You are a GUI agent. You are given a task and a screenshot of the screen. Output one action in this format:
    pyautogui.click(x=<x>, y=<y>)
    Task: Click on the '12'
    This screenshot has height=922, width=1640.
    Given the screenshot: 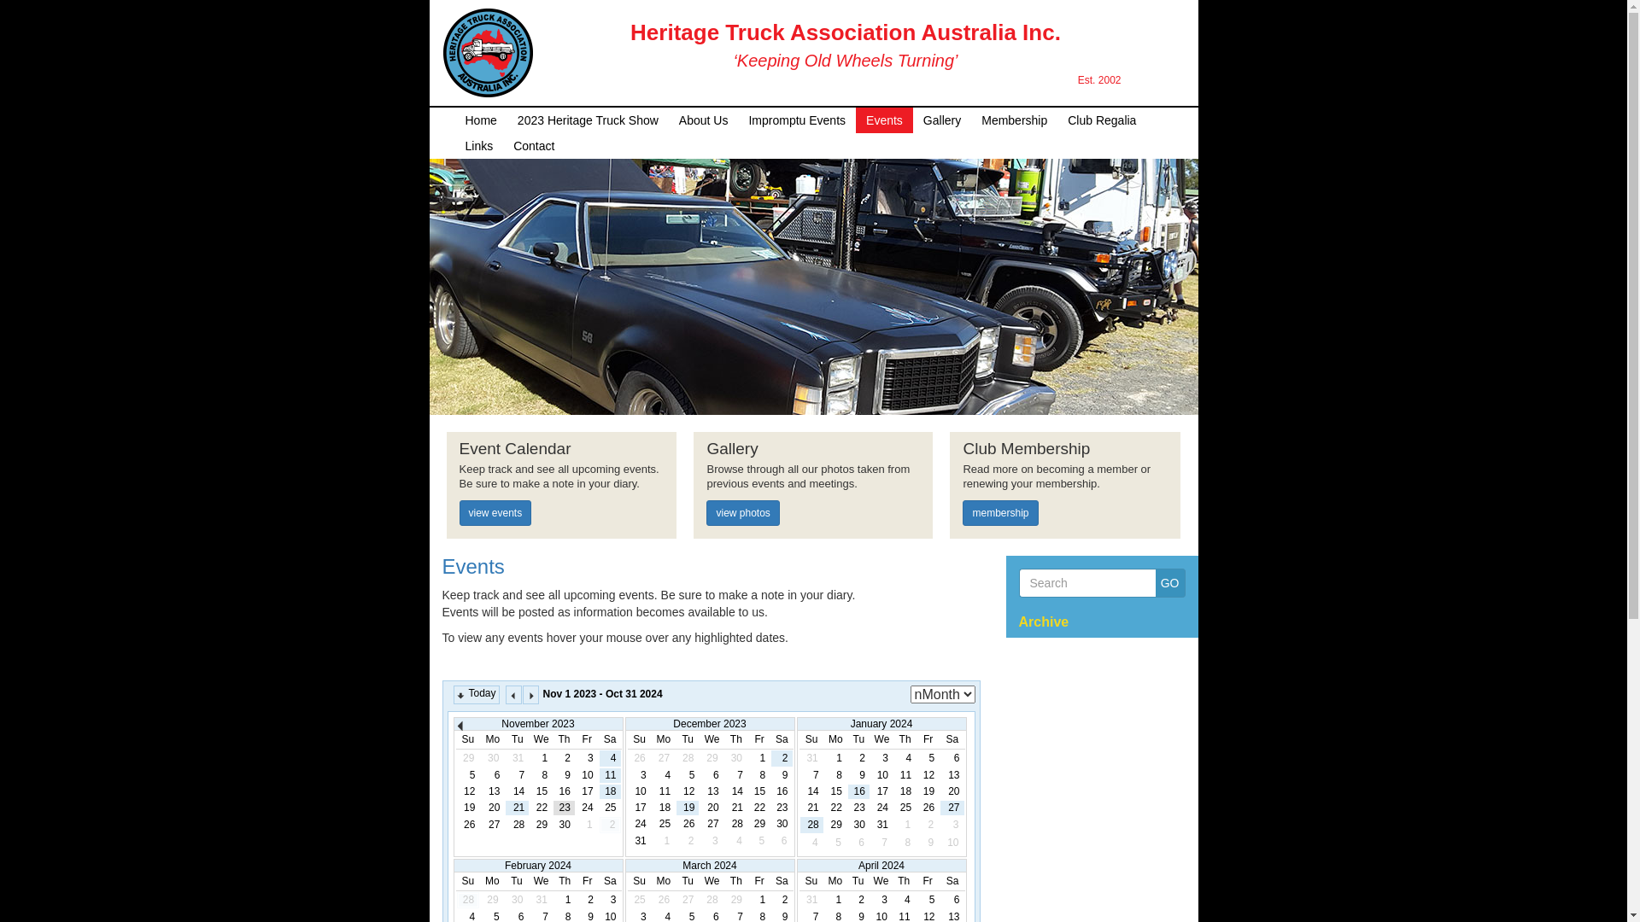 What is the action you would take?
    pyautogui.click(x=458, y=791)
    